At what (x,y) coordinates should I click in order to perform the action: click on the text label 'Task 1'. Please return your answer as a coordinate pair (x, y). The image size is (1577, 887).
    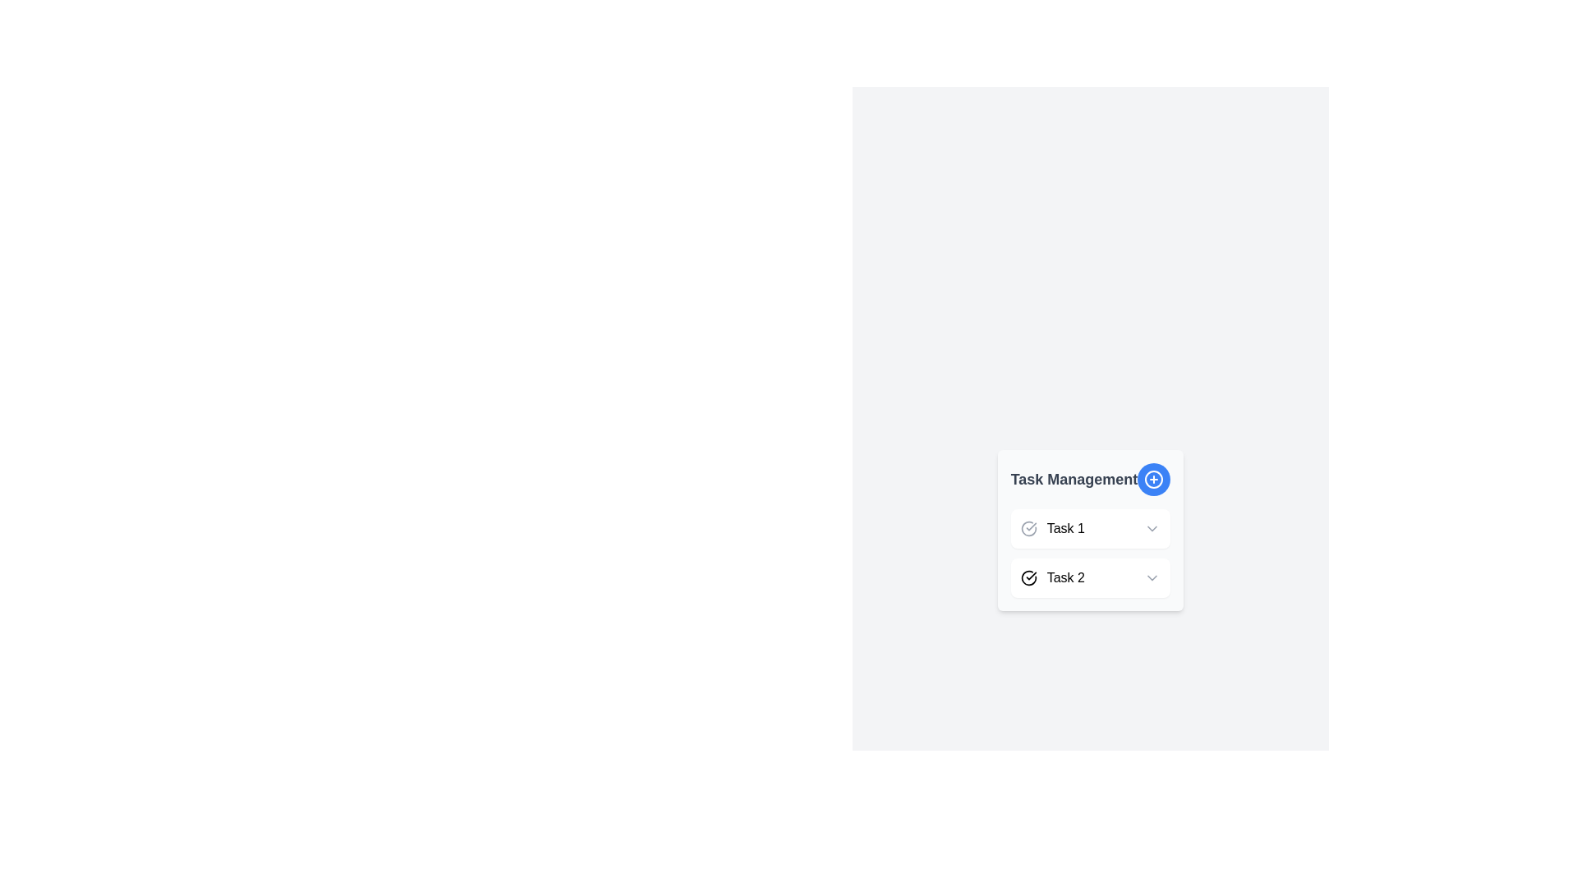
    Looking at the image, I should click on (1052, 529).